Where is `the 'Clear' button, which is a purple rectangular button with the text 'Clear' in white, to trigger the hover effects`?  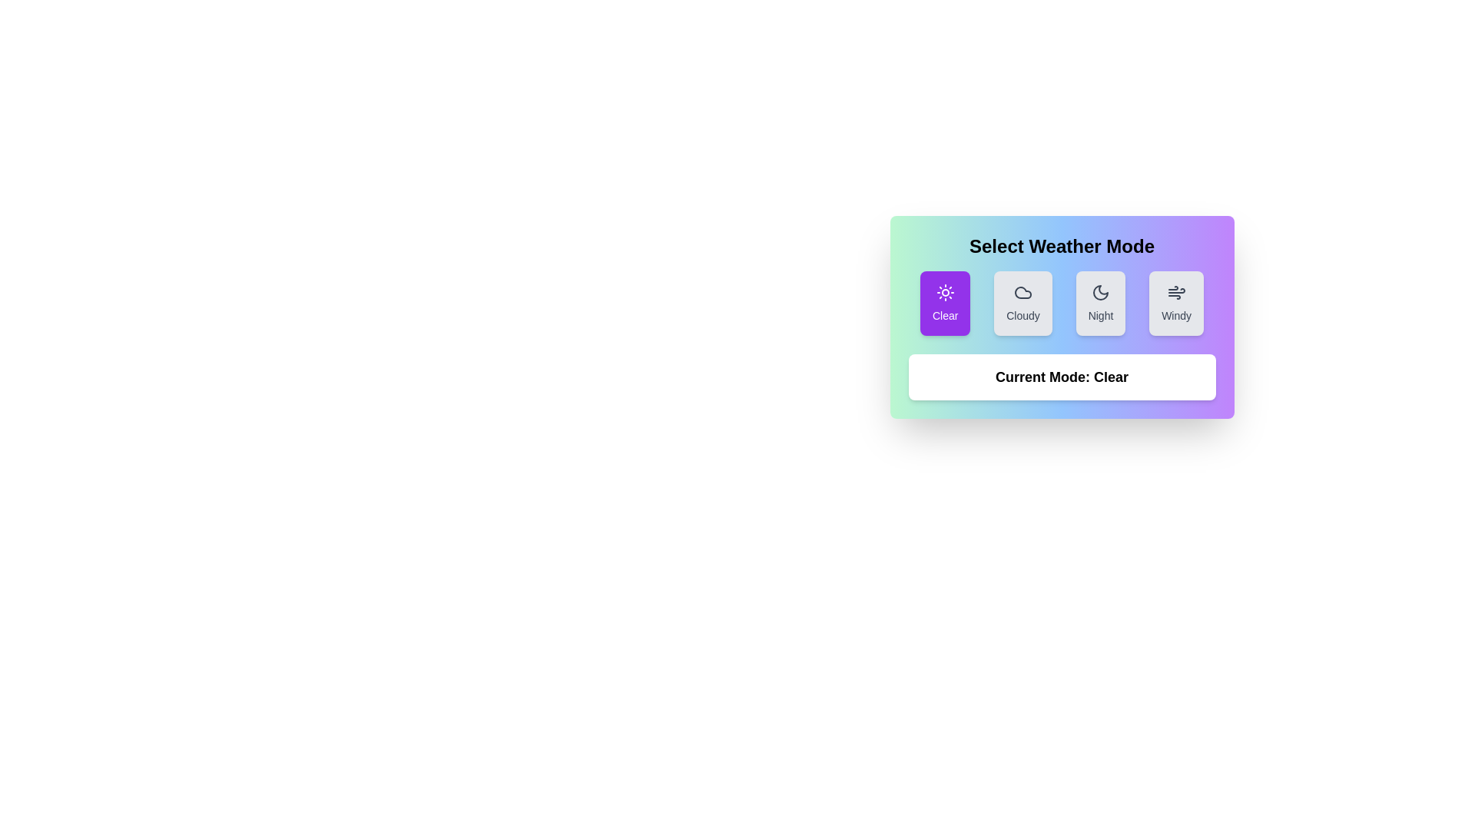
the 'Clear' button, which is a purple rectangular button with the text 'Clear' in white, to trigger the hover effects is located at coordinates (944, 315).